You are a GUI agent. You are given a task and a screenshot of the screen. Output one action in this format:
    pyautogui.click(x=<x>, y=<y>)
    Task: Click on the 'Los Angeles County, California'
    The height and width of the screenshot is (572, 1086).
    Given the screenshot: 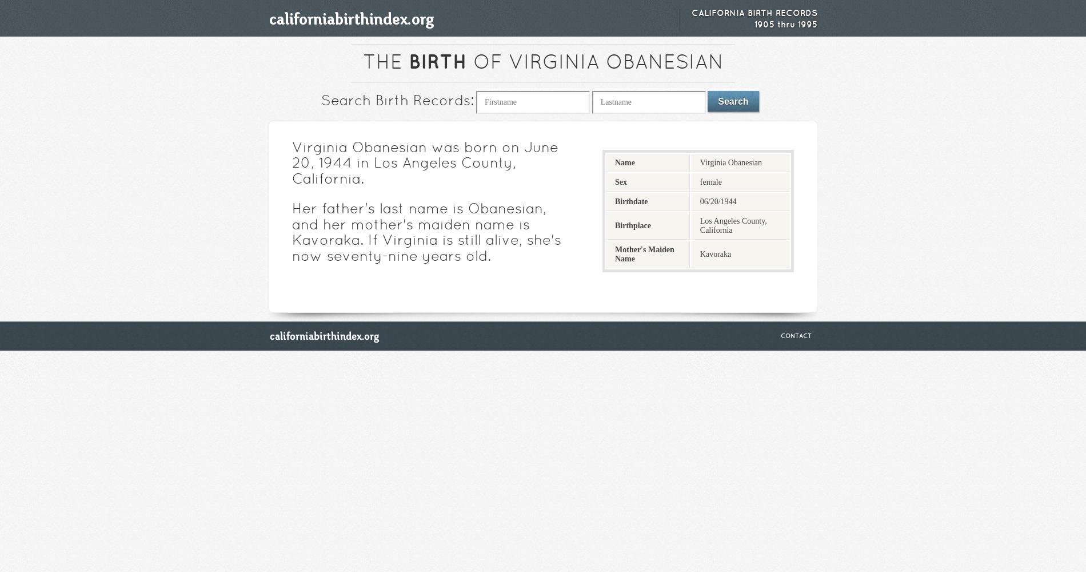 What is the action you would take?
    pyautogui.click(x=732, y=225)
    